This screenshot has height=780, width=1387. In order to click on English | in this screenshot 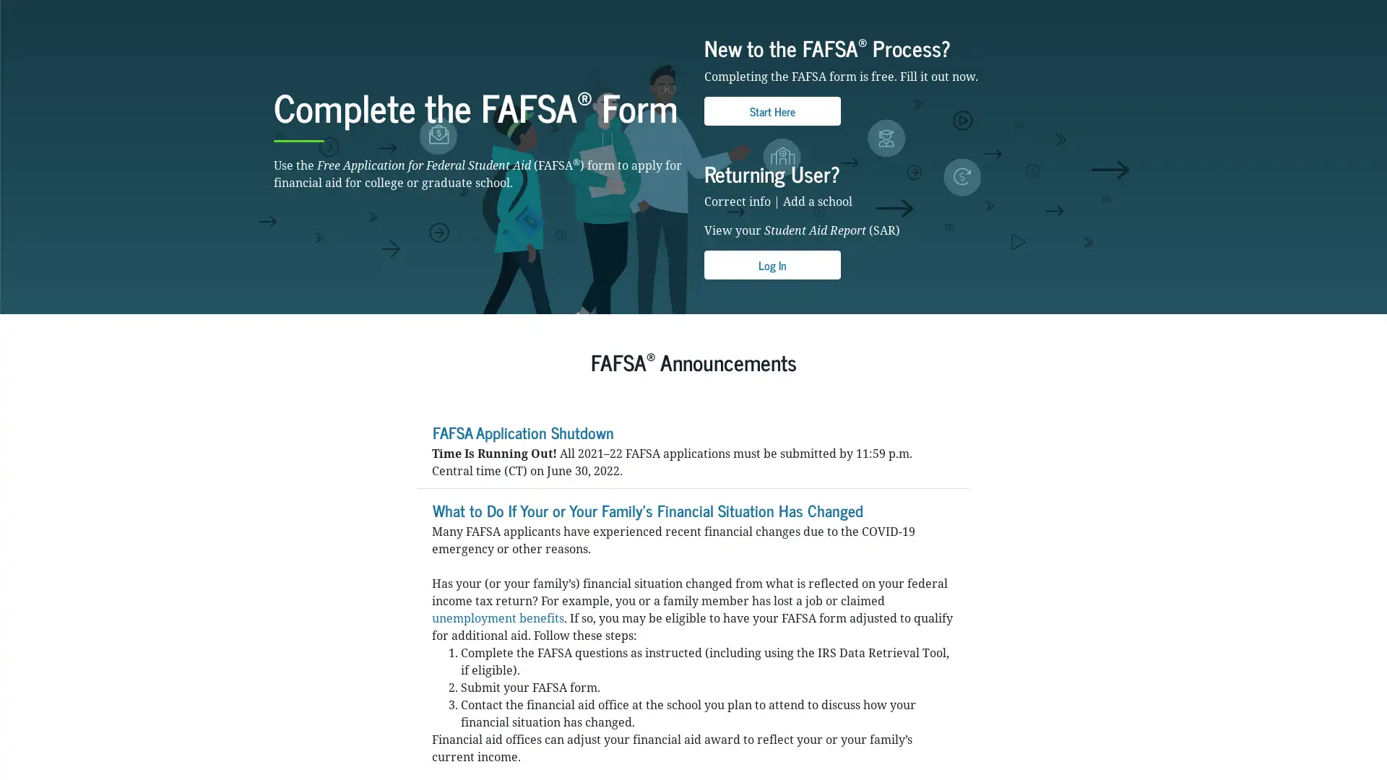, I will do `click(1064, 11)`.